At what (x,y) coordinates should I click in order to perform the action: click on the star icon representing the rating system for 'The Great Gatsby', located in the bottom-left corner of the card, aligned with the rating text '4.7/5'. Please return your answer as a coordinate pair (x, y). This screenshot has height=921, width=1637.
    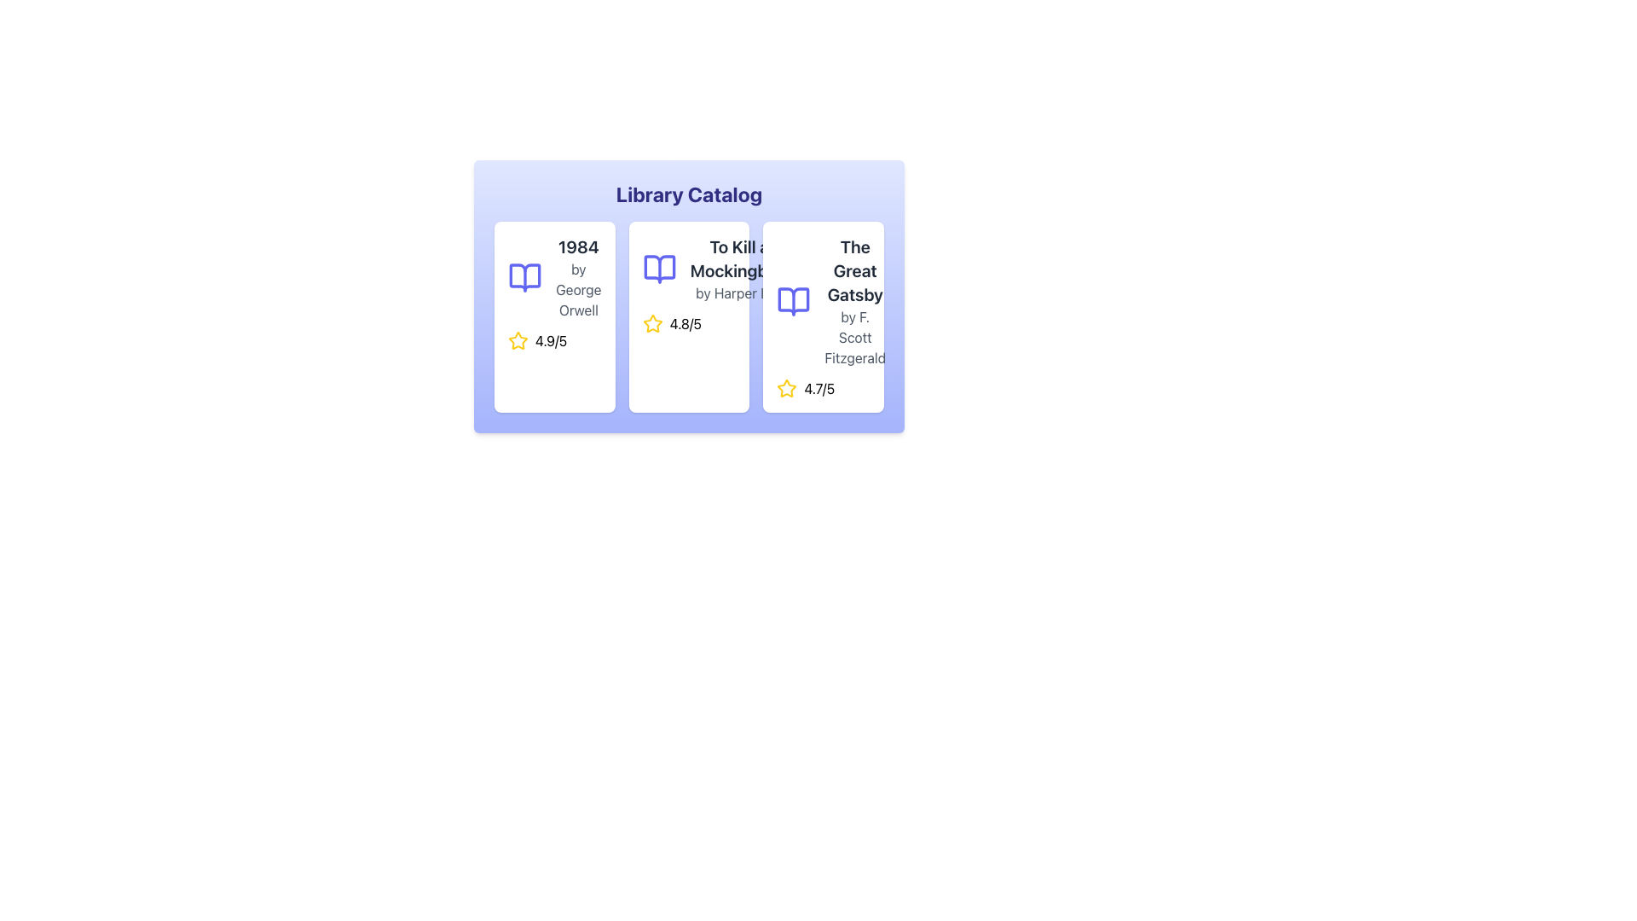
    Looking at the image, I should click on (786, 388).